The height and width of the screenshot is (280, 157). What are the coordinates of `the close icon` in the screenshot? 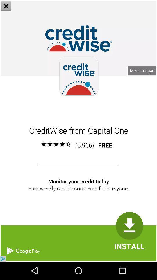 It's located at (6, 6).